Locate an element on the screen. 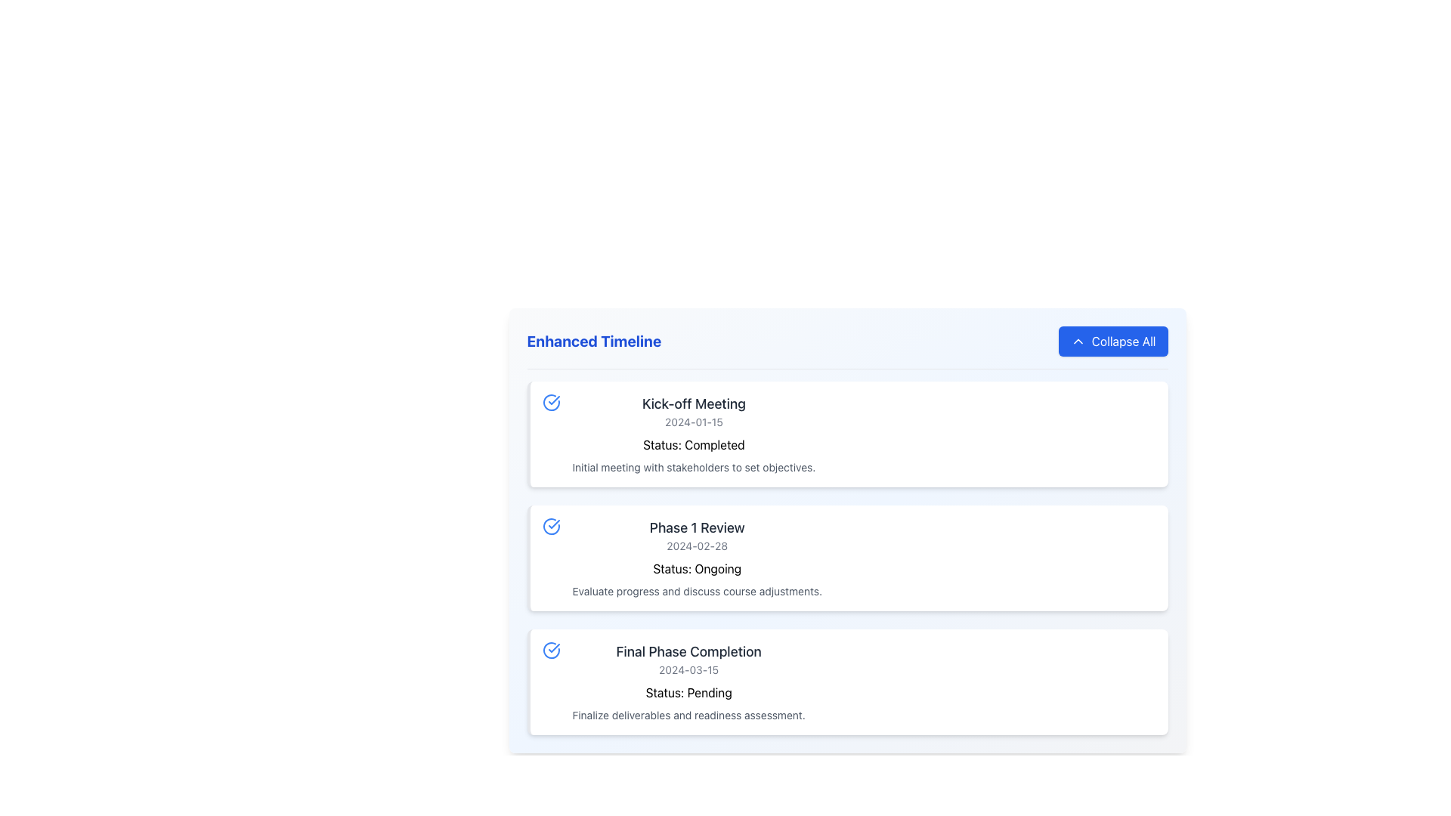 Image resolution: width=1451 pixels, height=816 pixels. the chevron icon within the 'Collapse All' button located at the top-right corner of the interface is located at coordinates (1077, 341).